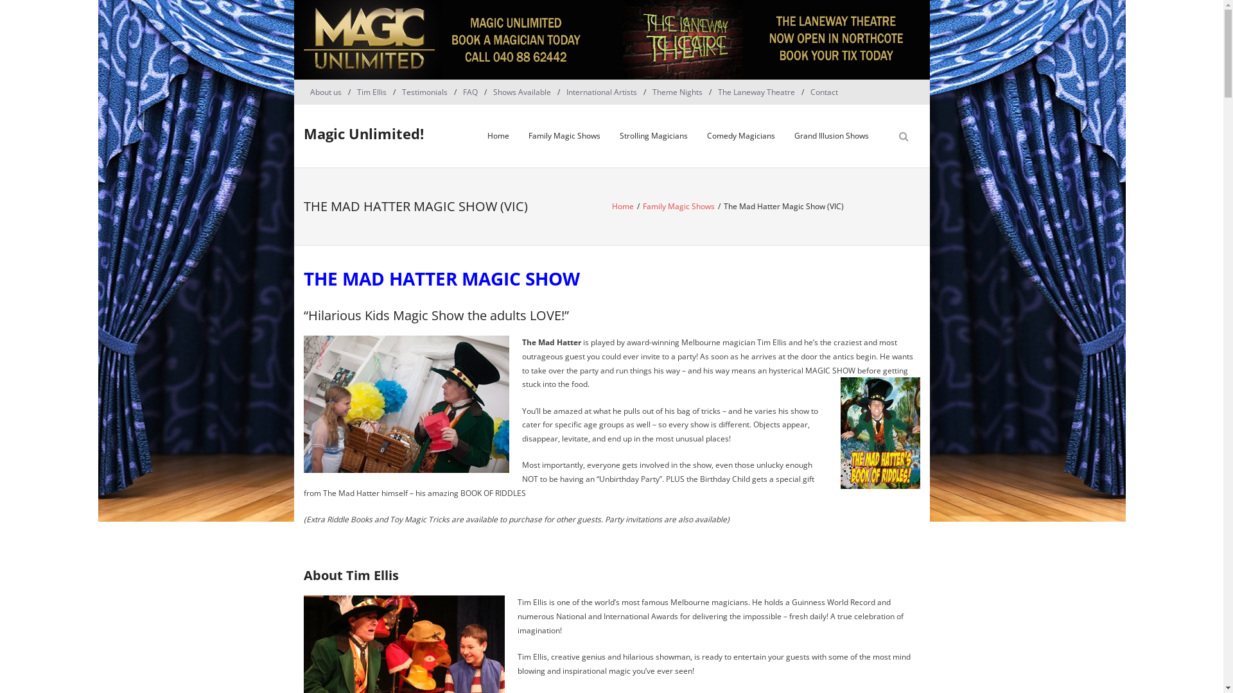  What do you see at coordinates (678, 205) in the screenshot?
I see `'Family Magic Shows'` at bounding box center [678, 205].